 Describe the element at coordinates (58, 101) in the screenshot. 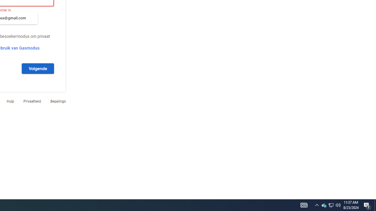

I see `'Bepalings'` at that location.